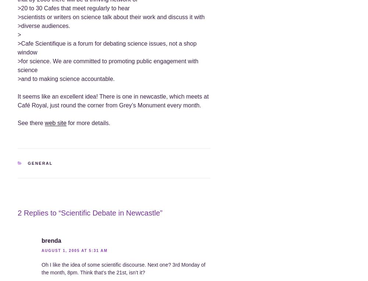 The width and height of the screenshot is (368, 281). I want to click on '>', so click(19, 34).